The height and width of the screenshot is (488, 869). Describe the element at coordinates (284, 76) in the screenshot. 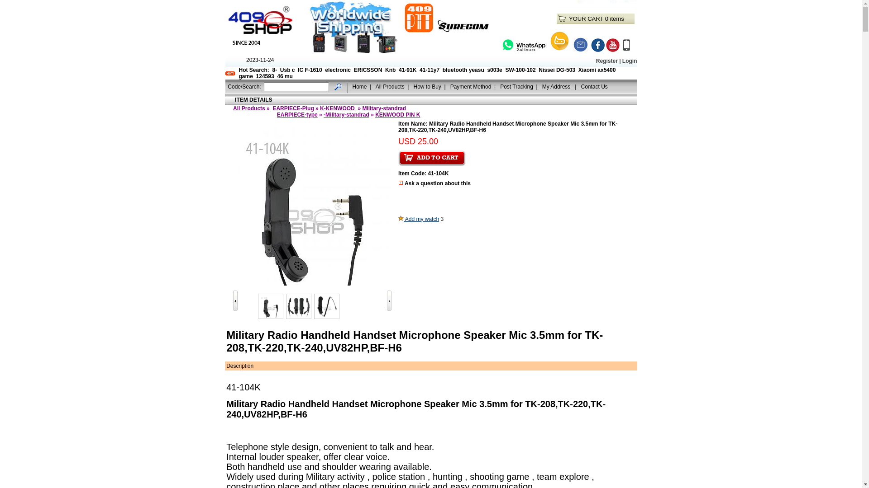

I see `'46 mu'` at that location.